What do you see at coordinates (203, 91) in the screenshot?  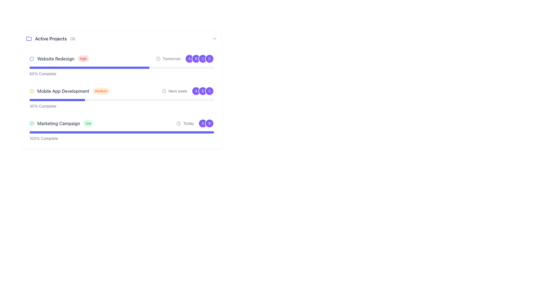 I see `the circular avatar button displaying the letter 'B', which is the second button in a group of three, located next to the 'Mobile App Development' row in the 'Active Projects' section` at bounding box center [203, 91].